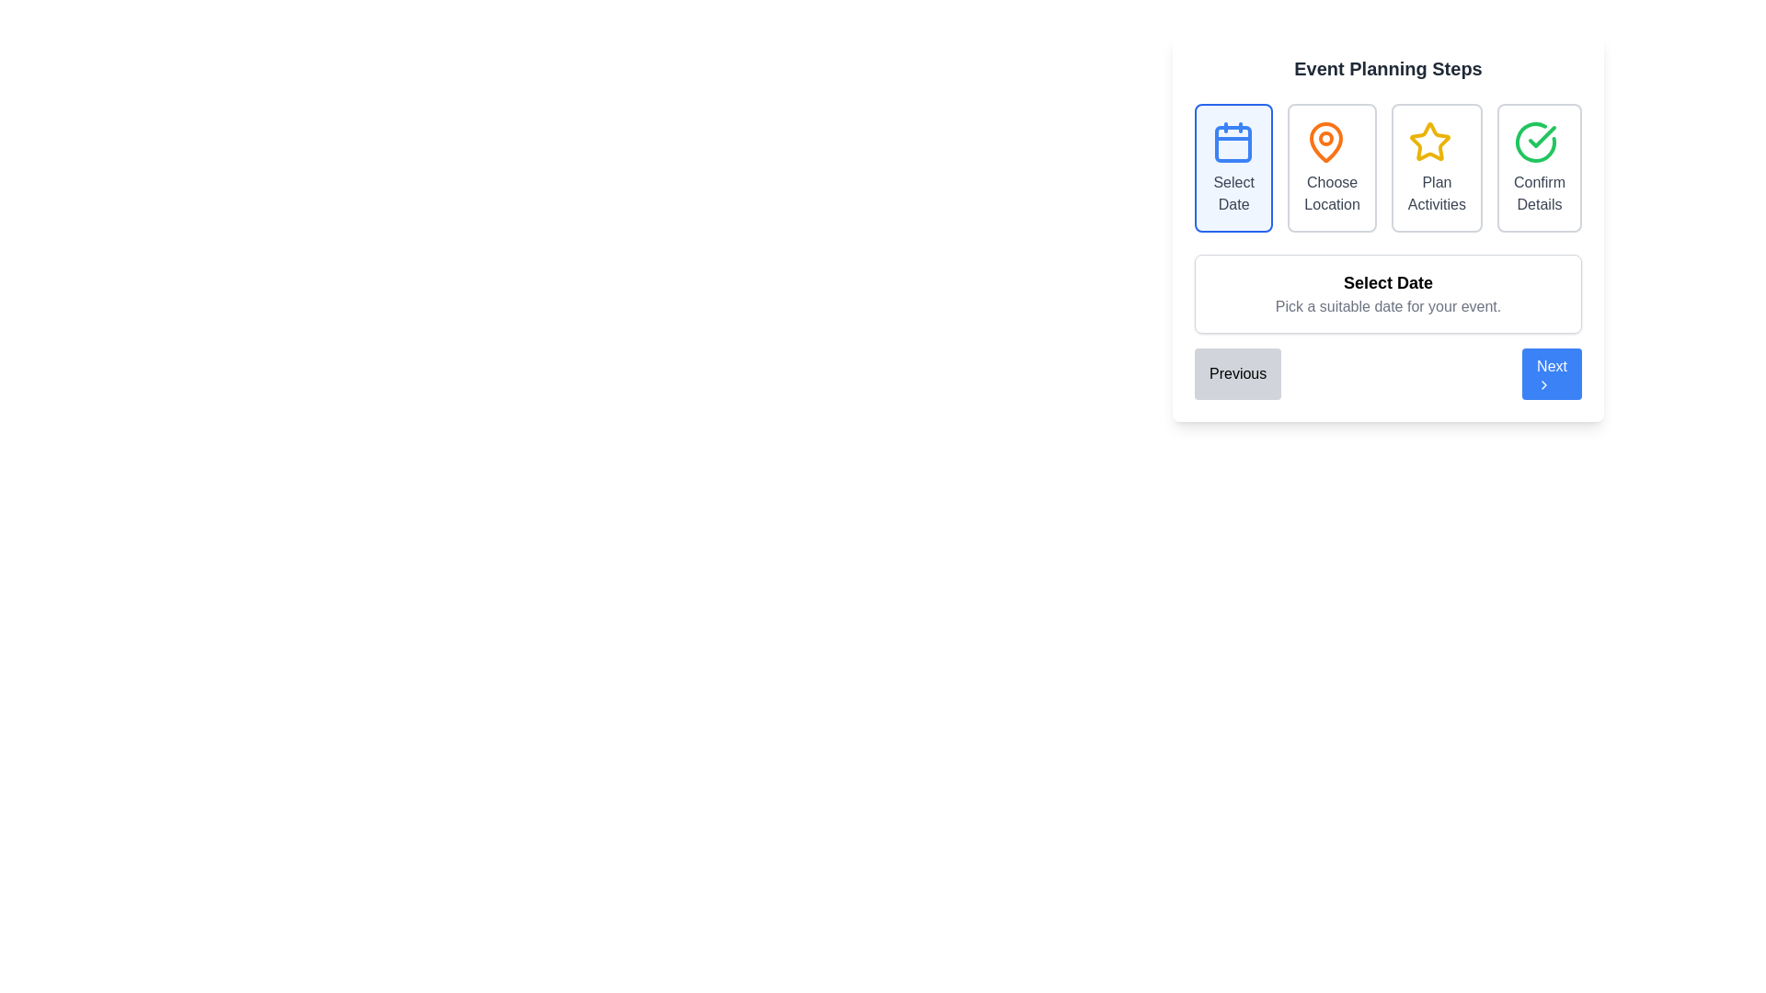  Describe the element at coordinates (1551, 373) in the screenshot. I see `the 'Next' button located to the right of the 'Previous' button` at that location.